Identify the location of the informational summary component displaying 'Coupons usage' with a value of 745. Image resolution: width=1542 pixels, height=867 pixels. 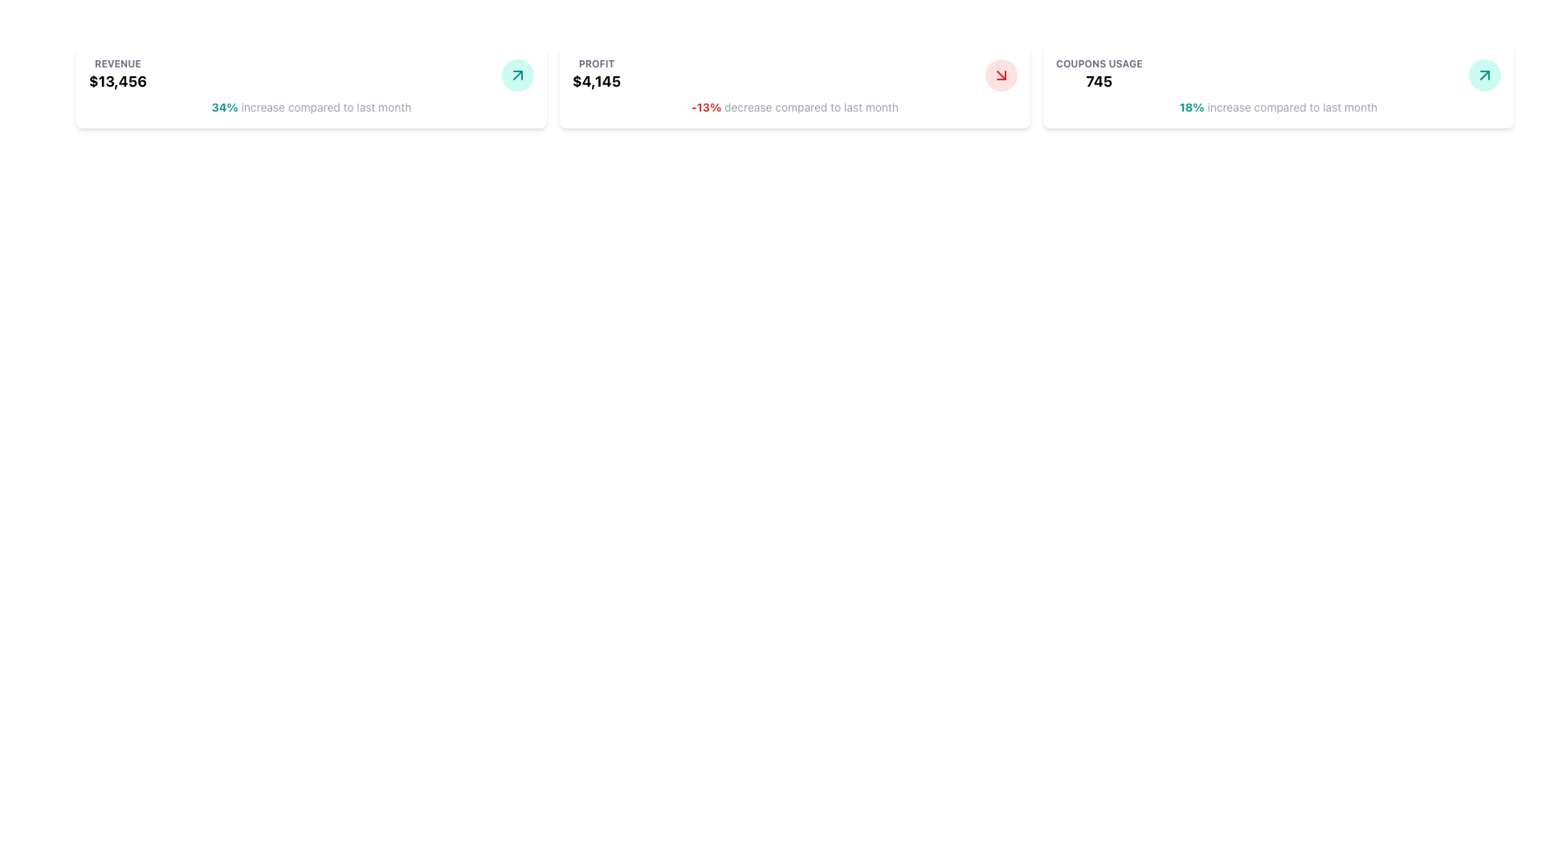
(1098, 75).